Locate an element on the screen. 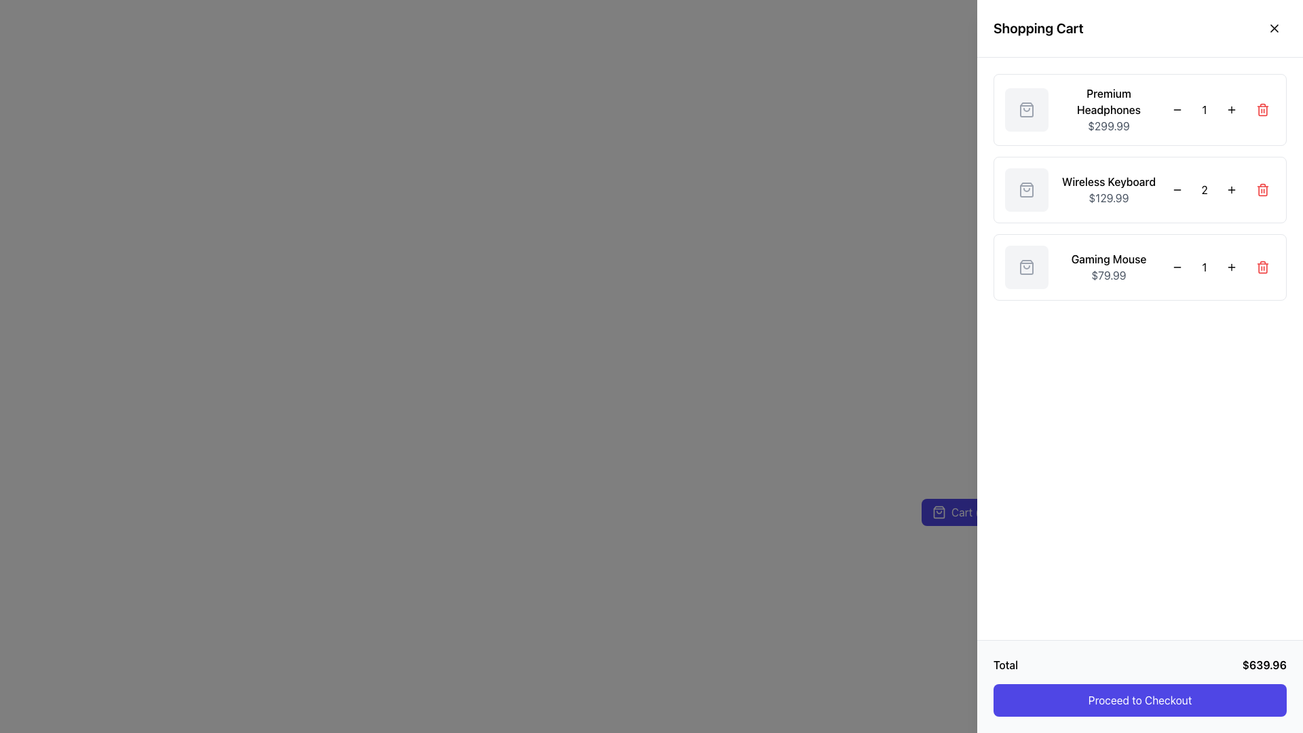 The height and width of the screenshot is (733, 1303). the numerical value '2' displayed in the text label indicating the quantity of the 'Wireless Keyboard' in the shopping cart, which is centrally aligned with decrement and increment buttons is located at coordinates (1205, 190).